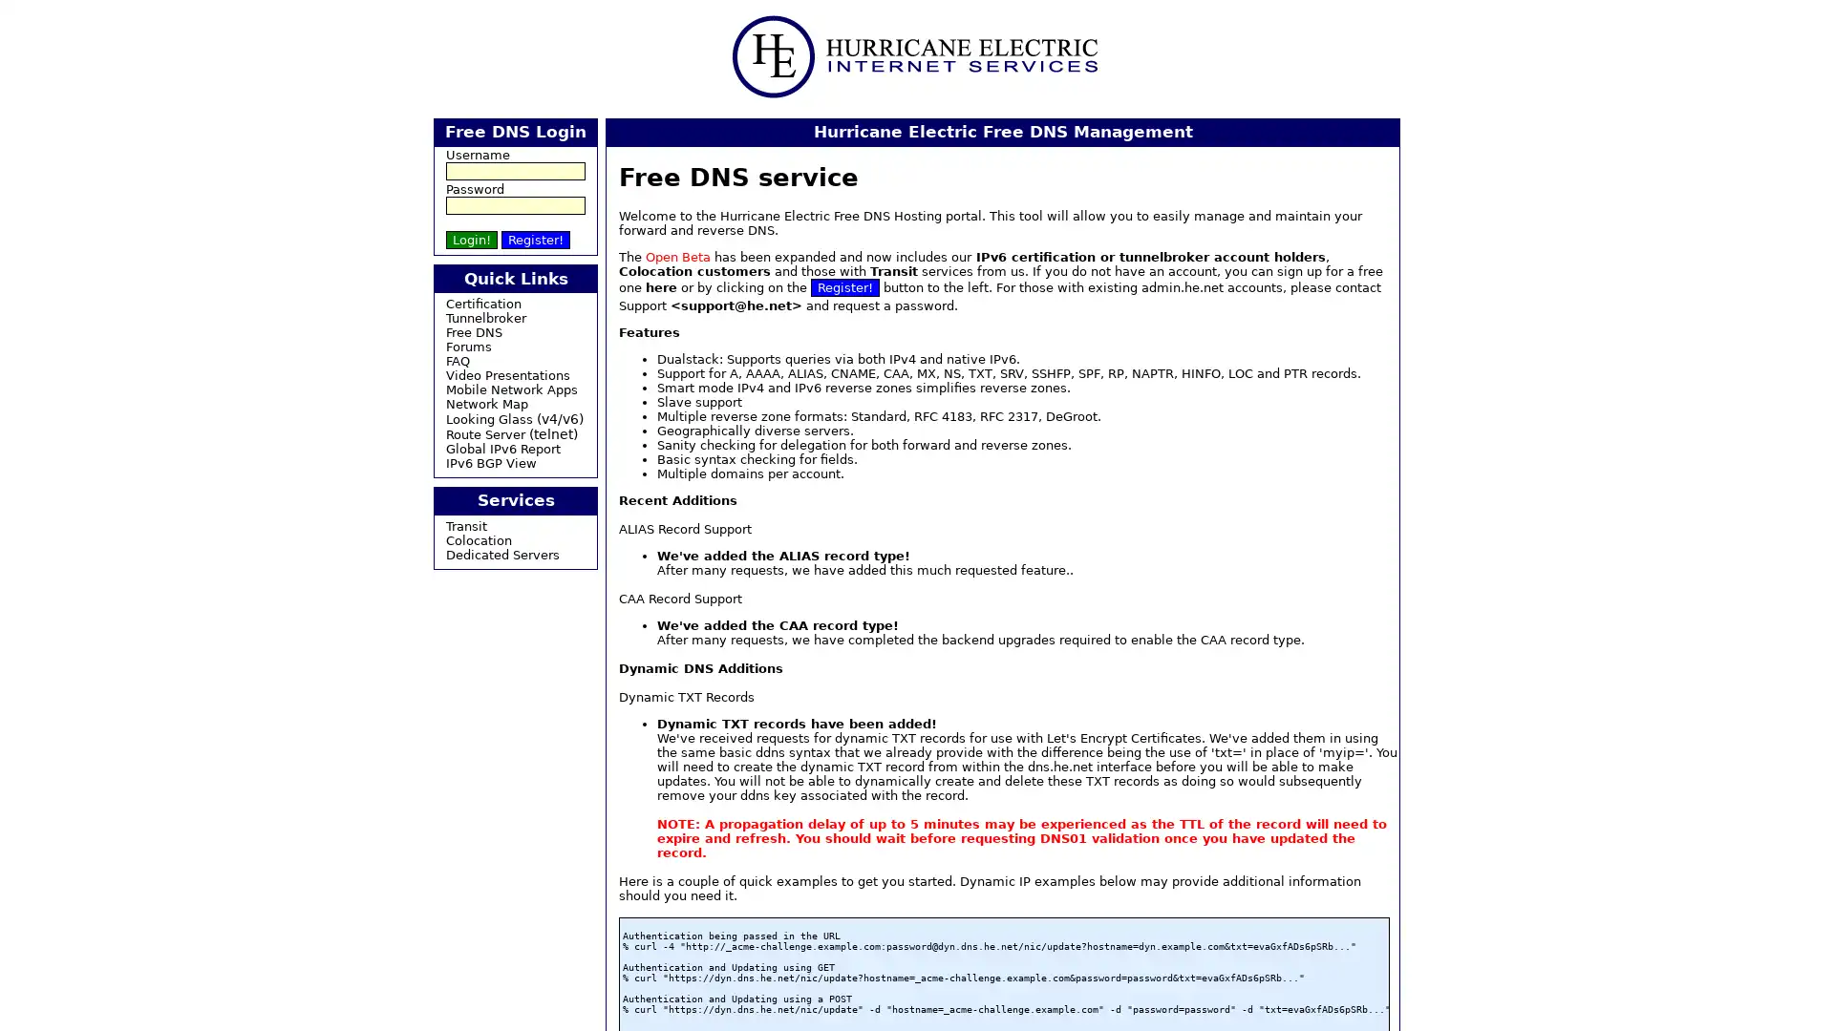 This screenshot has width=1834, height=1031. What do you see at coordinates (472, 239) in the screenshot?
I see `Login!` at bounding box center [472, 239].